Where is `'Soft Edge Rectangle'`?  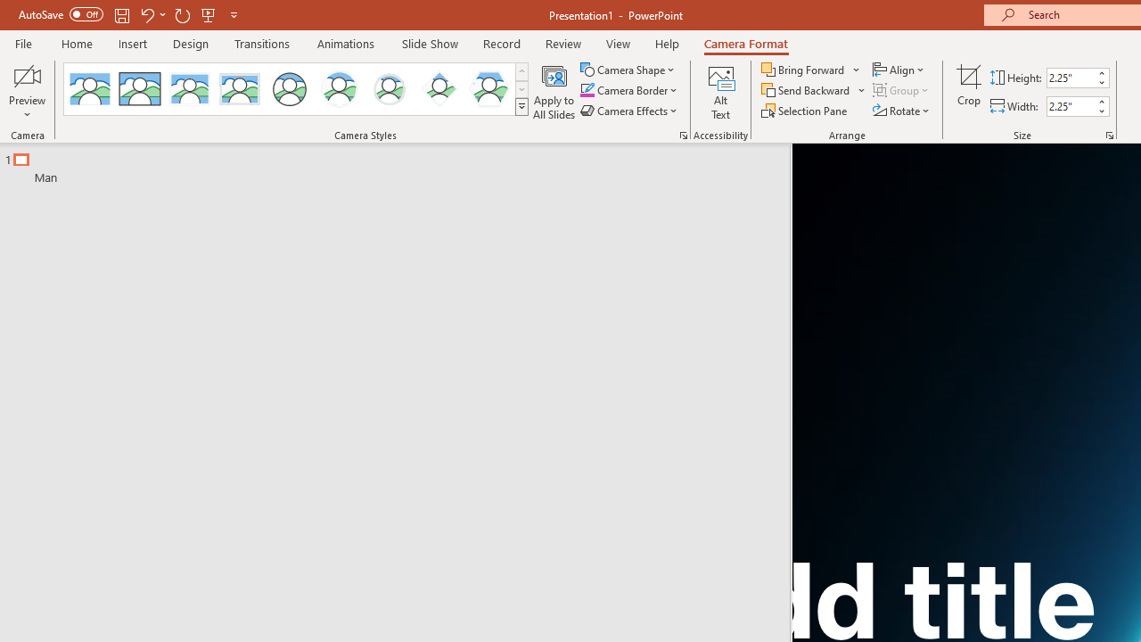
'Soft Edge Rectangle' is located at coordinates (238, 89).